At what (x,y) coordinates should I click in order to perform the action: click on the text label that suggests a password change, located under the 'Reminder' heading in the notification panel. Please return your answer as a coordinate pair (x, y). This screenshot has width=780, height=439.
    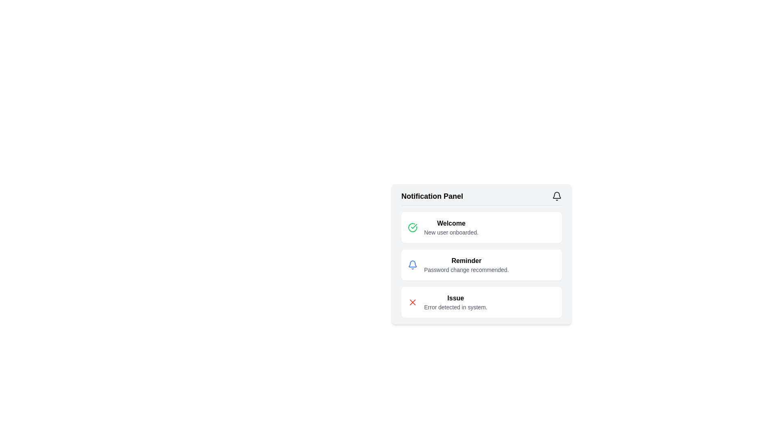
    Looking at the image, I should click on (466, 269).